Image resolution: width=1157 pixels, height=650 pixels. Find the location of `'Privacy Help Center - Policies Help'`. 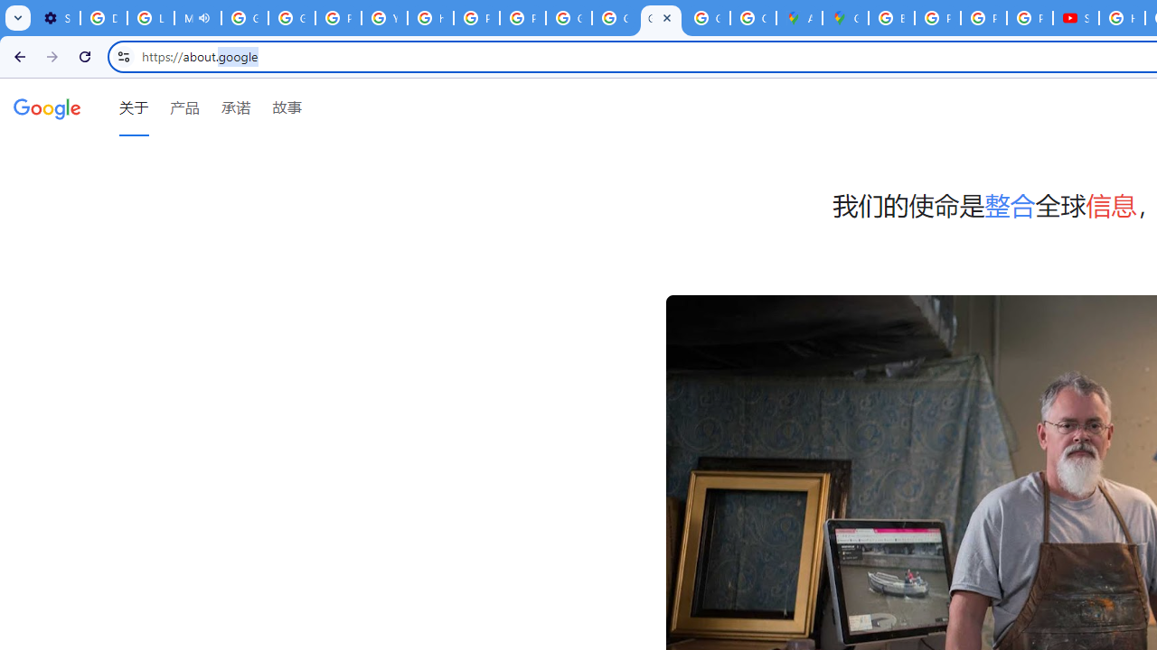

'Privacy Help Center - Policies Help' is located at coordinates (938, 18).